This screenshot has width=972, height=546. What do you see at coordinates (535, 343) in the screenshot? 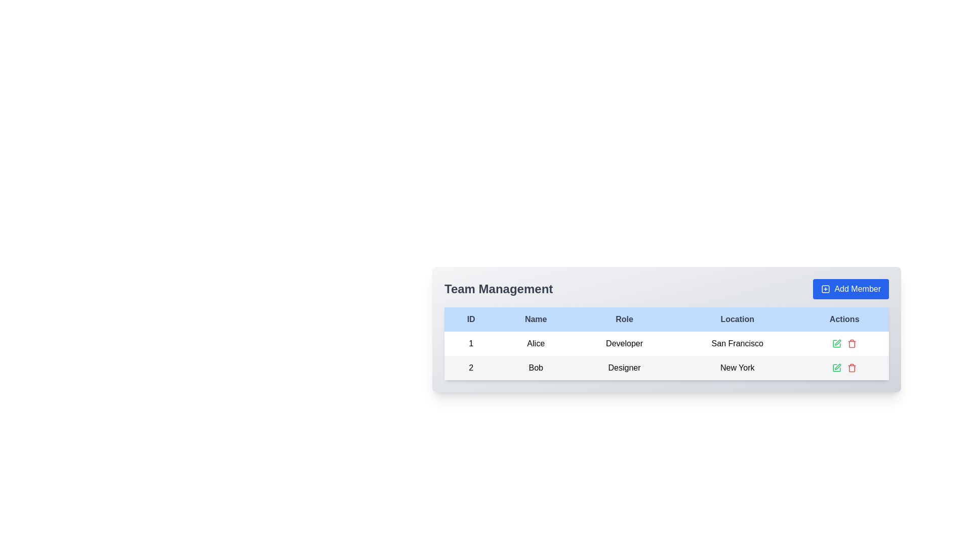
I see `the Text label representing a team member's name in the 'Team Management' table, located in the second column of the first row, directly below the 'Name' header` at bounding box center [535, 343].